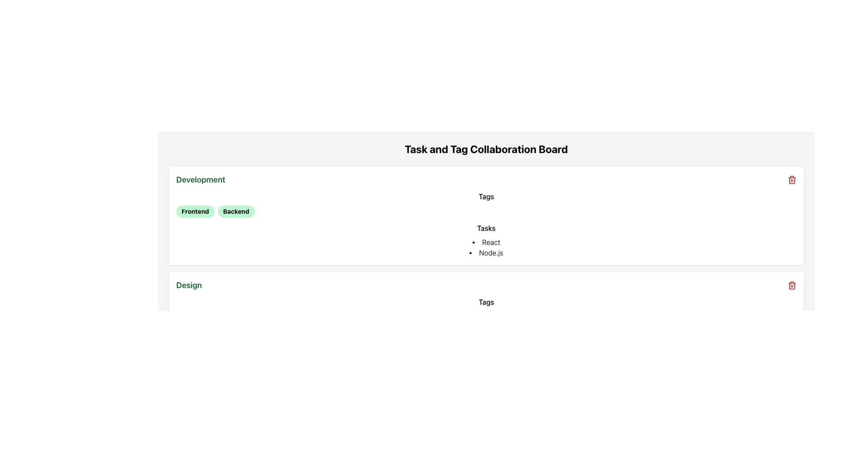  Describe the element at coordinates (486, 149) in the screenshot. I see `the text label displaying 'Task and Tag Collaboration Board'` at that location.